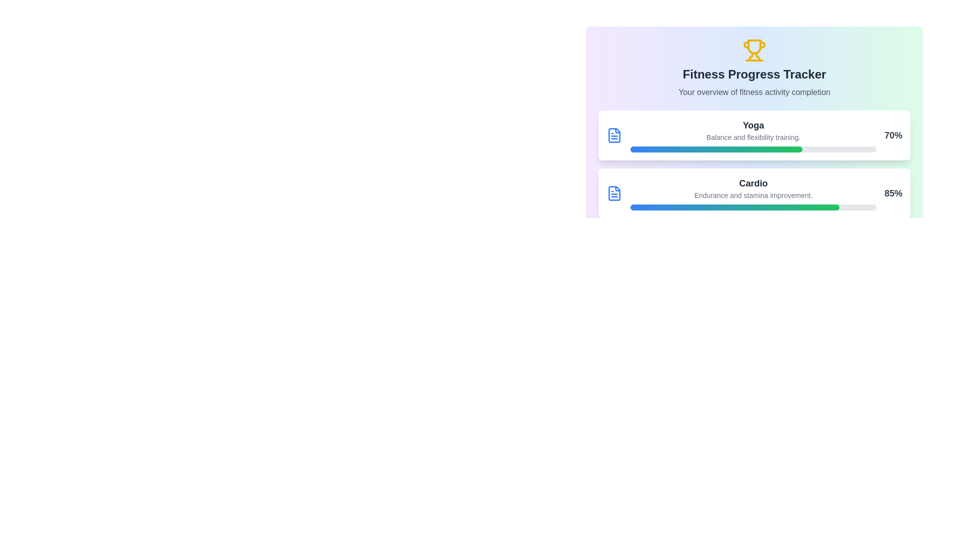 This screenshot has height=540, width=960. I want to click on the 'Yoga' text label, which is the first item in the 'Fitness Progress Tracker' section, displaying training information about balance and flexibility, so click(753, 135).